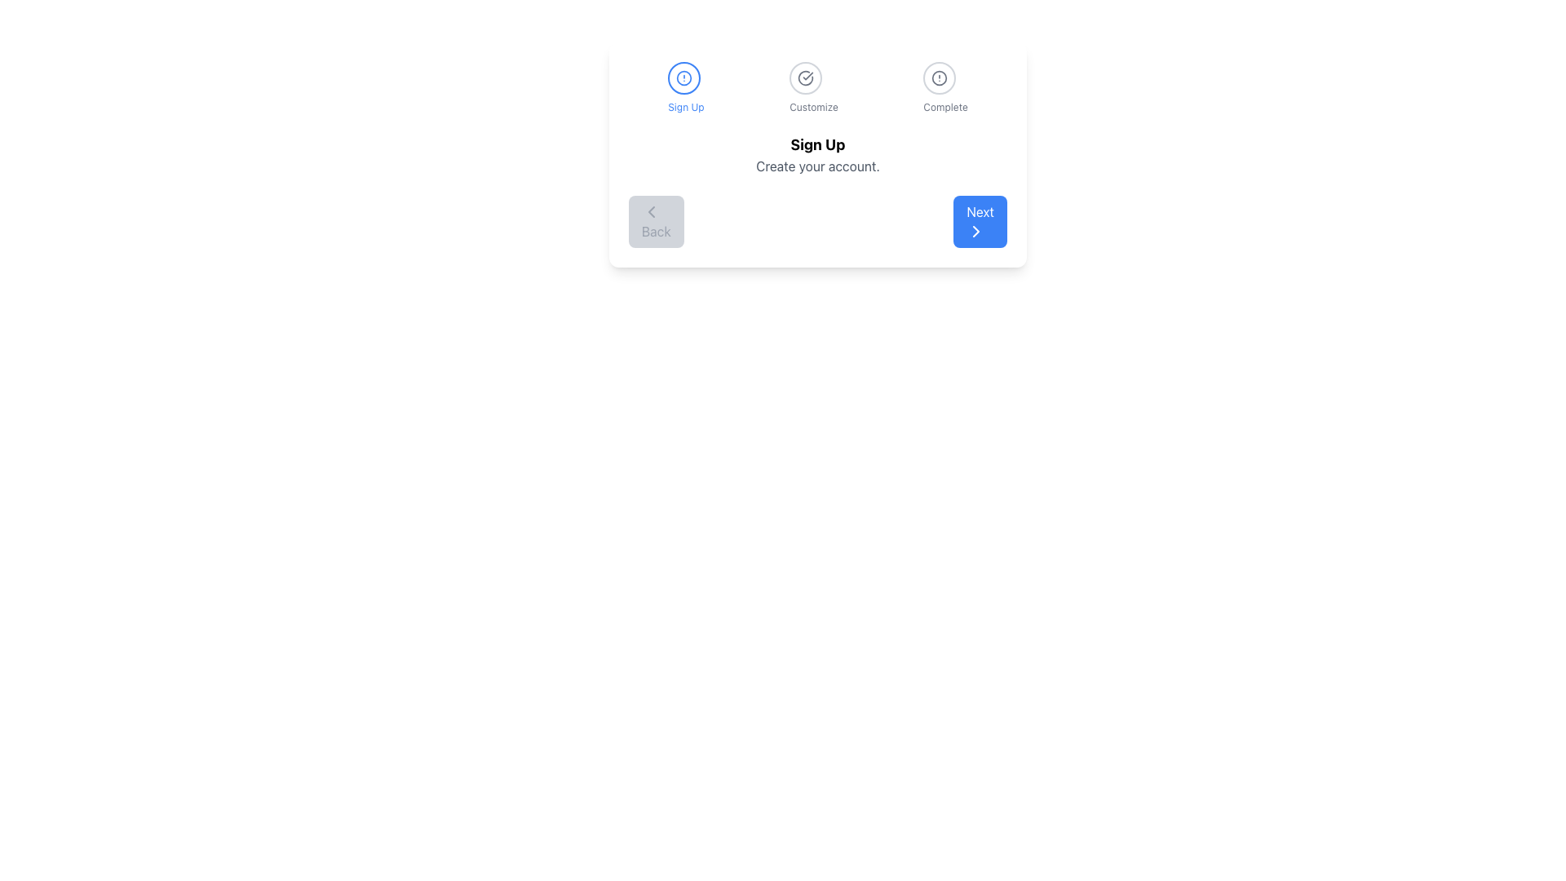 The height and width of the screenshot is (881, 1566). Describe the element at coordinates (684, 78) in the screenshot. I see `the SVG icon with a blue border located in the top-left circular button labeled 'Sign Up', positioned directly above the text` at that location.